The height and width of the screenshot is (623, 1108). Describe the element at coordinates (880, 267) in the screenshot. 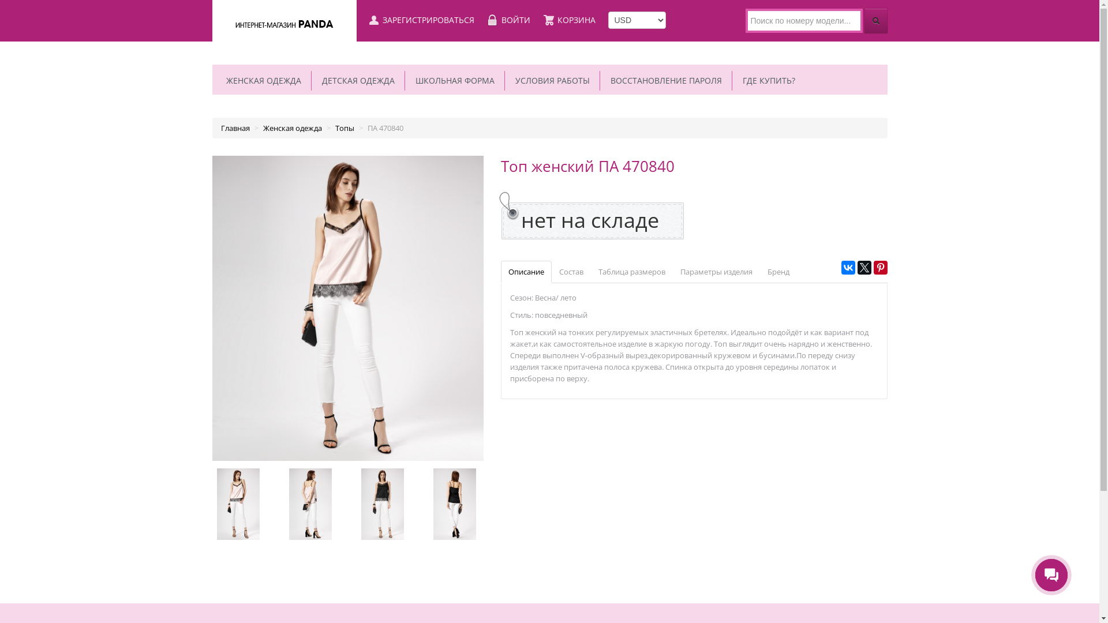

I see `'Pinterest'` at that location.